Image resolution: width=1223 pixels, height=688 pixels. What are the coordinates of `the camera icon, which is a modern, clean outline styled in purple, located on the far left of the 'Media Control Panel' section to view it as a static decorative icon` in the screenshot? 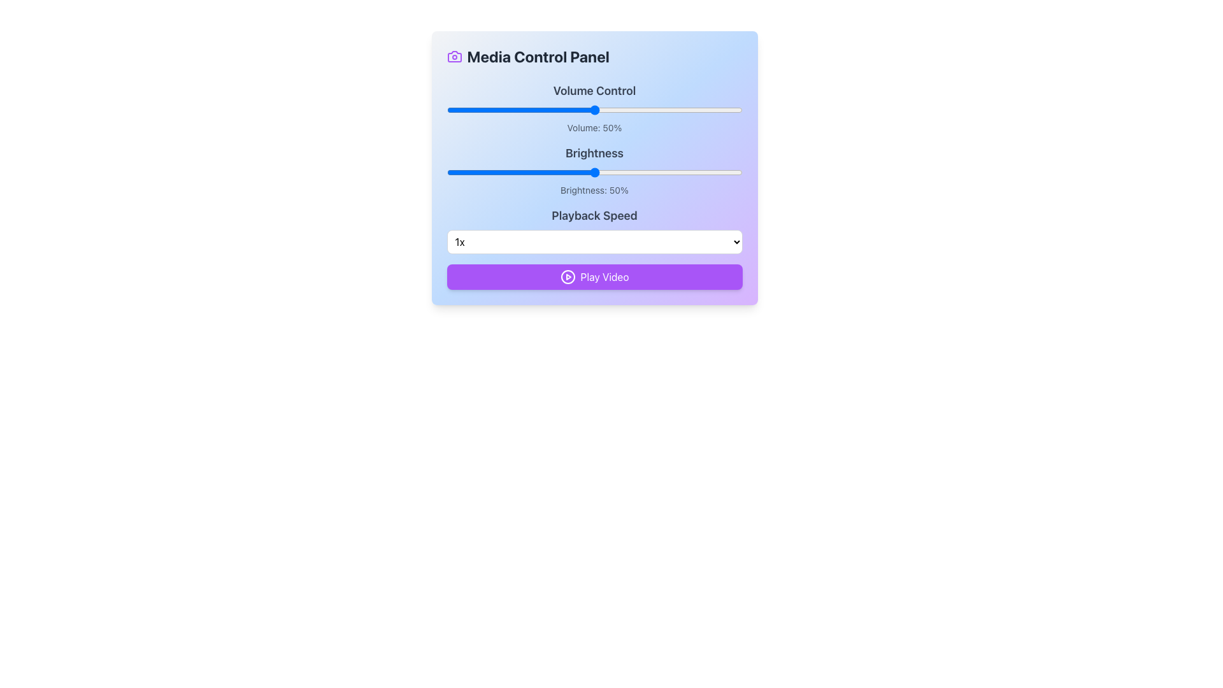 It's located at (454, 55).